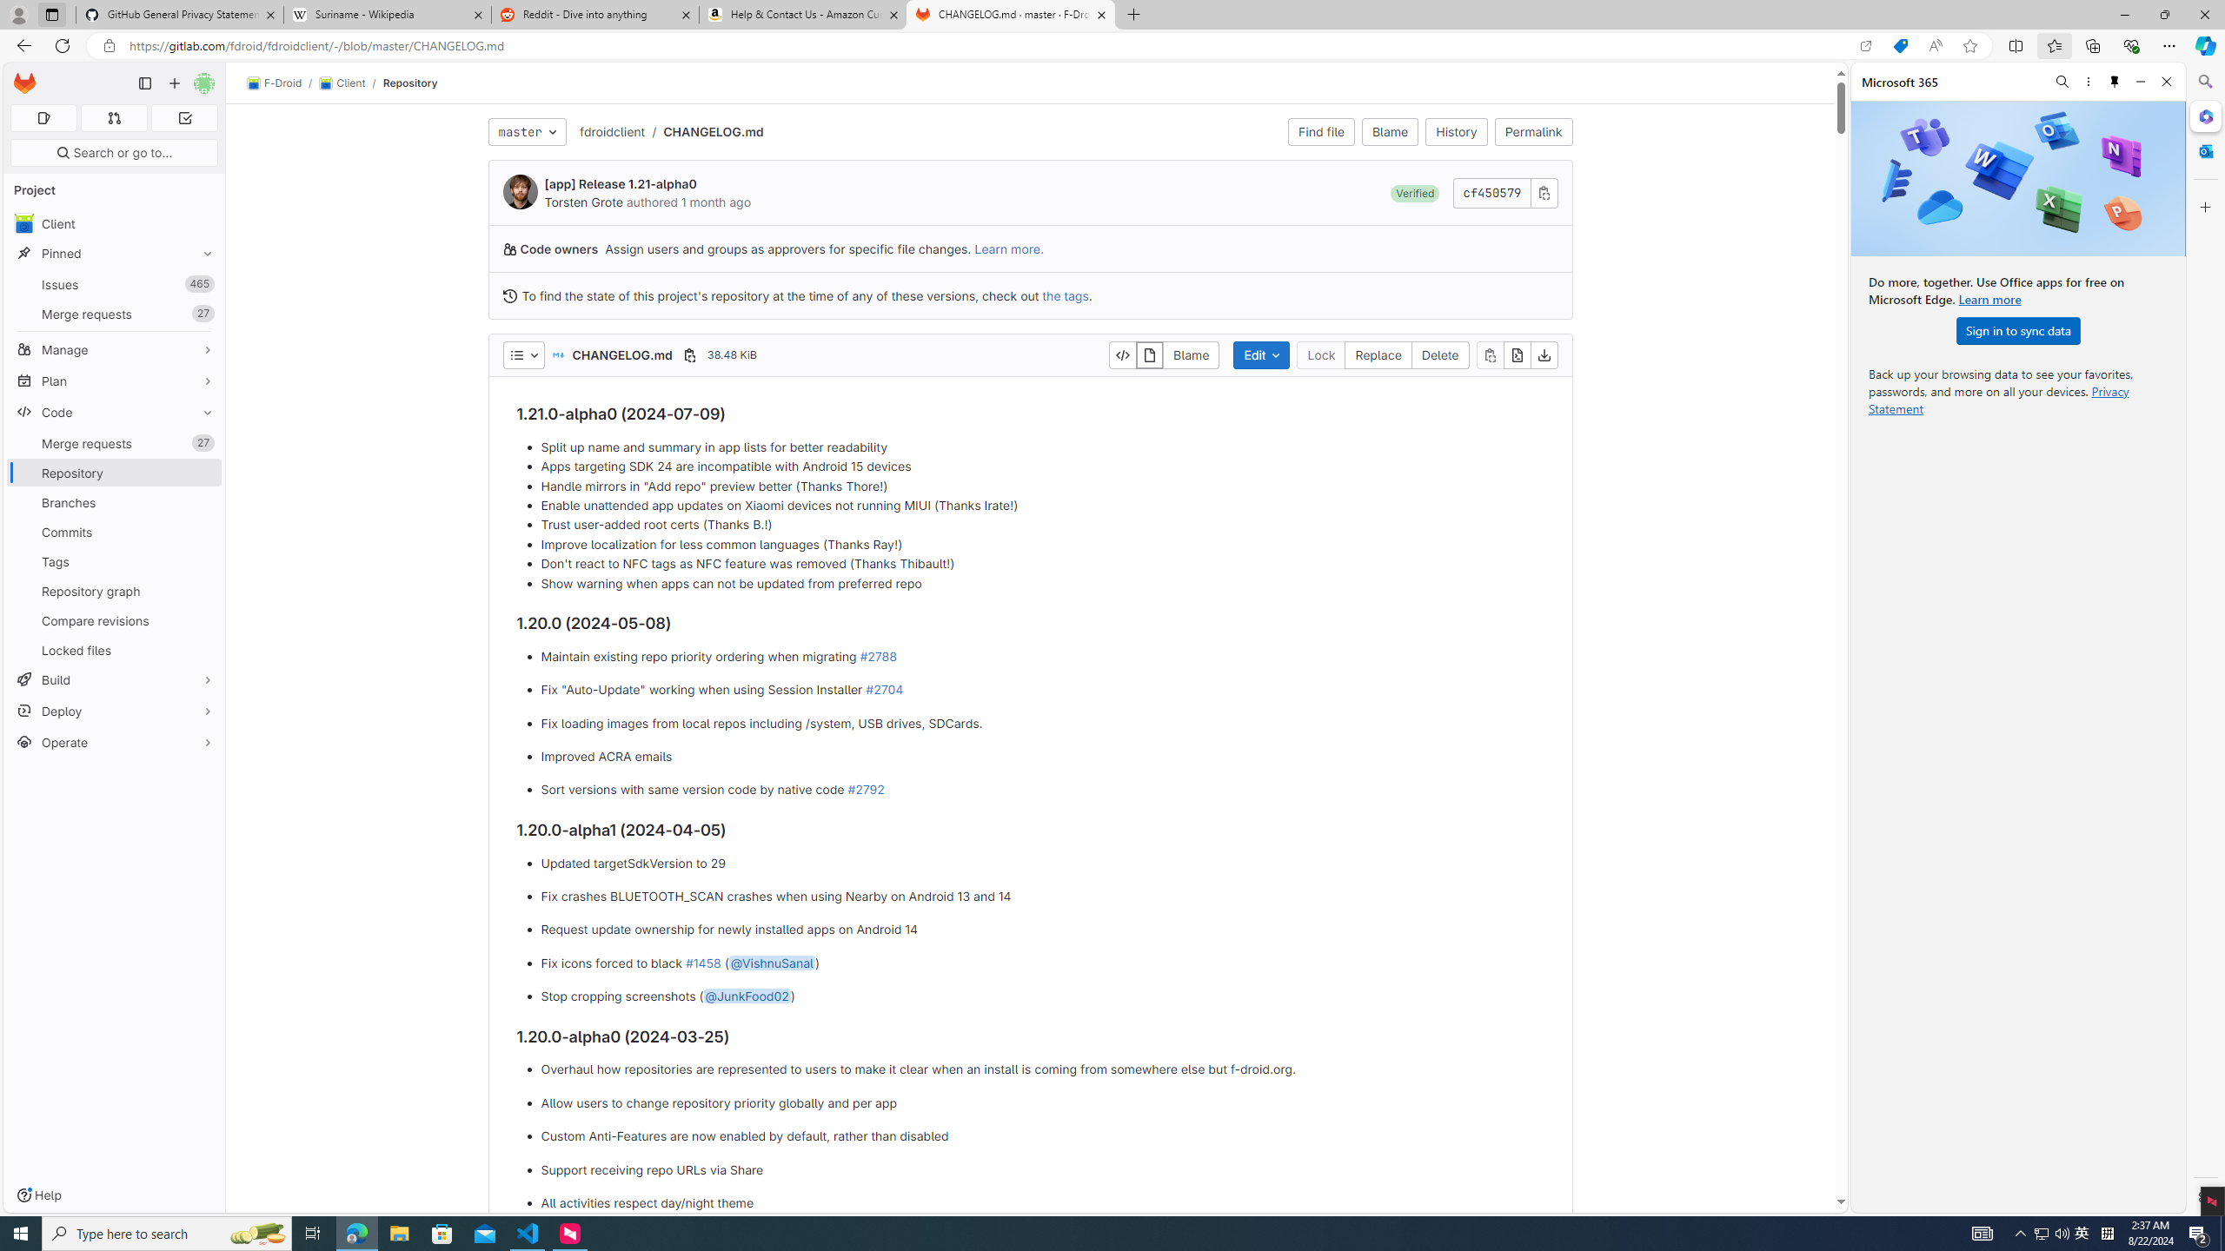  I want to click on 'Pin Repository', so click(203, 472).